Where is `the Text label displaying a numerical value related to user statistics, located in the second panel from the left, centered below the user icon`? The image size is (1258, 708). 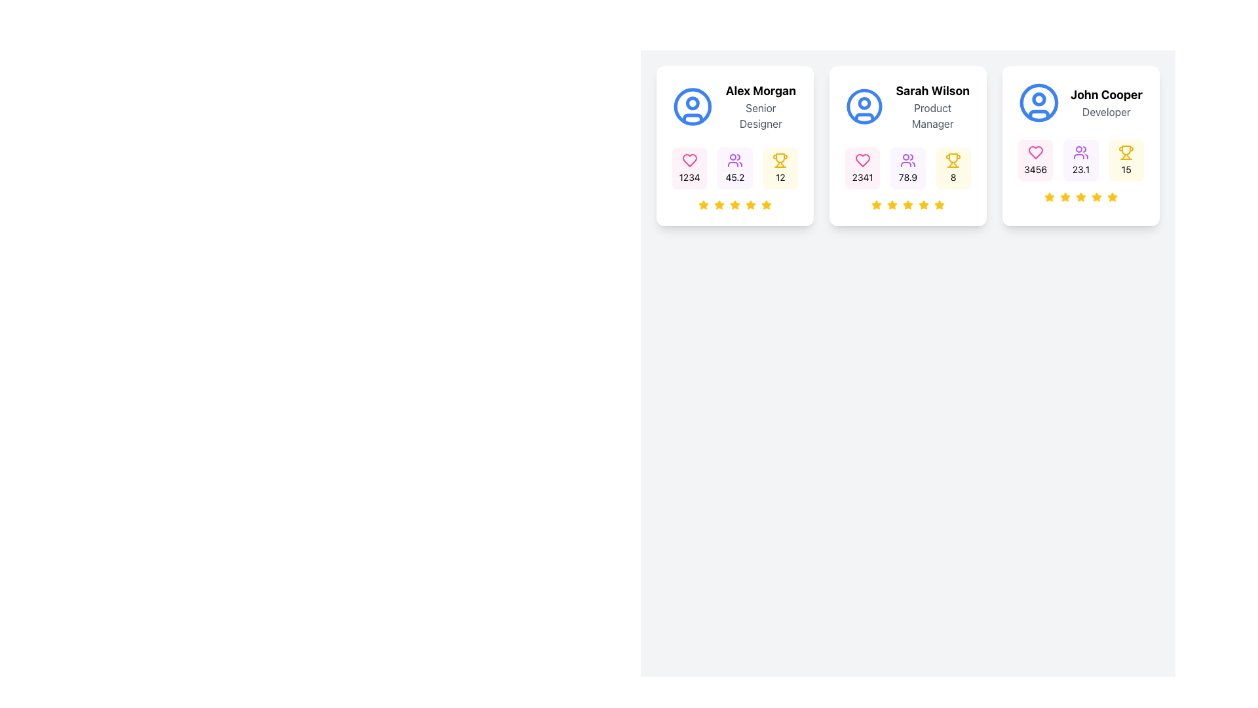
the Text label displaying a numerical value related to user statistics, located in the second panel from the left, centered below the user icon is located at coordinates (735, 177).